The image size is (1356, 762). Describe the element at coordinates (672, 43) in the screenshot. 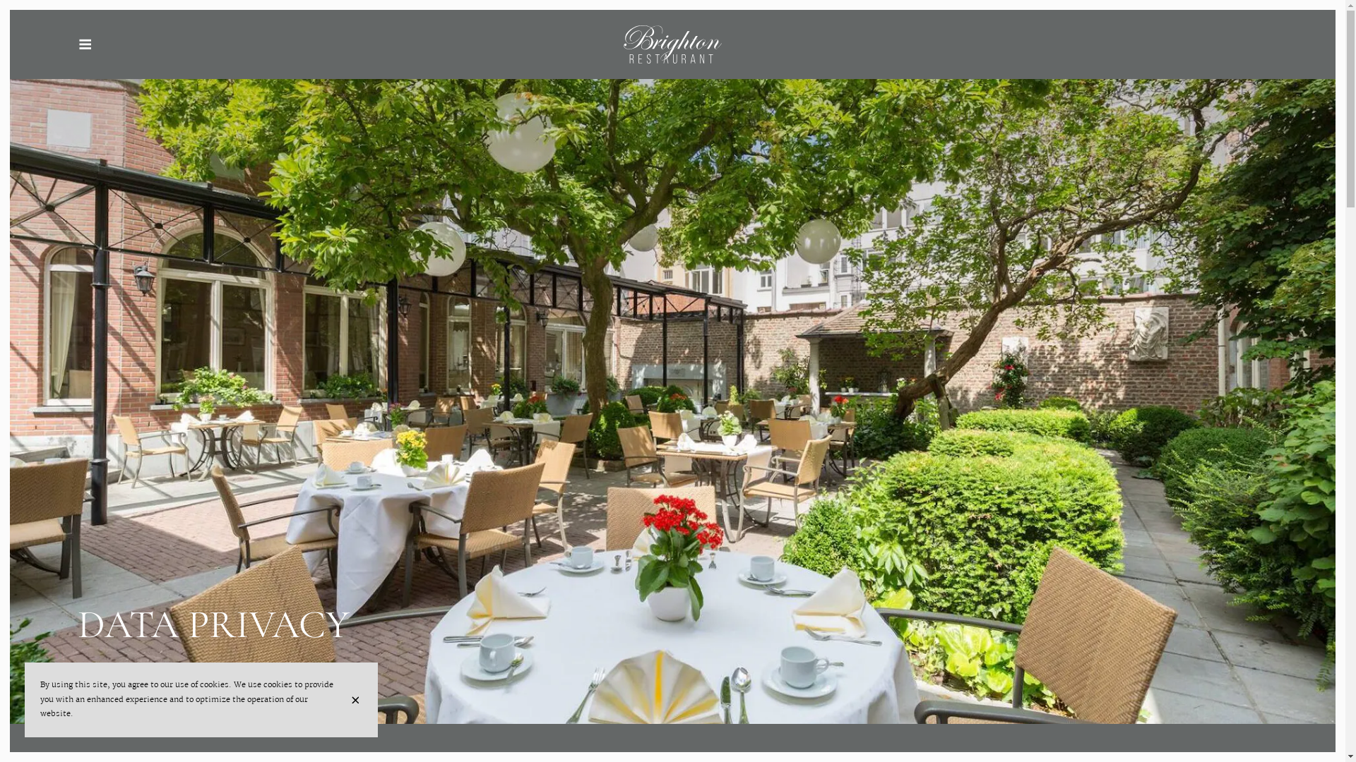

I see `'BRIGHTON RESTAURANT'` at that location.